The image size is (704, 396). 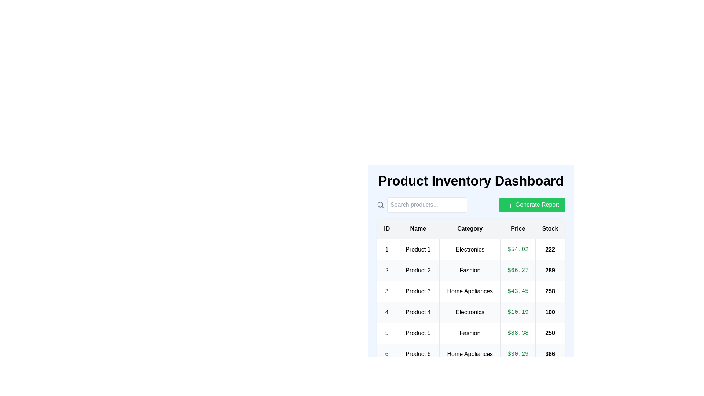 What do you see at coordinates (550, 228) in the screenshot?
I see `the header of the column Stock to sort the table by that column` at bounding box center [550, 228].